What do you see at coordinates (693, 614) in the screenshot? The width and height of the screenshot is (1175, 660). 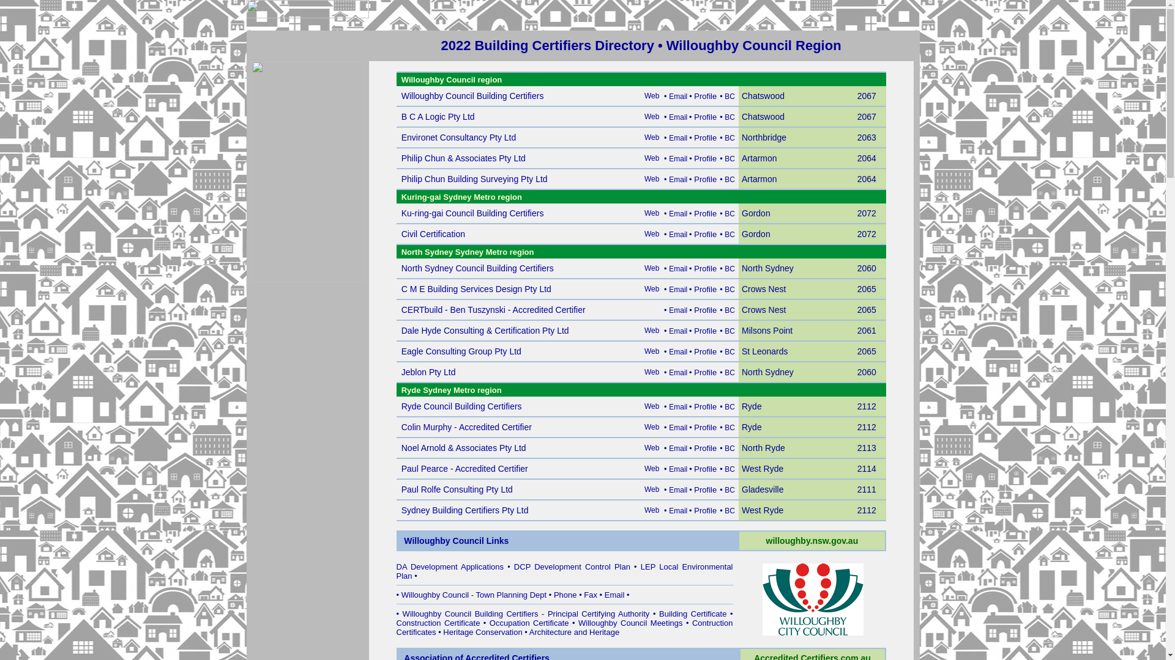 I see `'Building Certificate'` at bounding box center [693, 614].